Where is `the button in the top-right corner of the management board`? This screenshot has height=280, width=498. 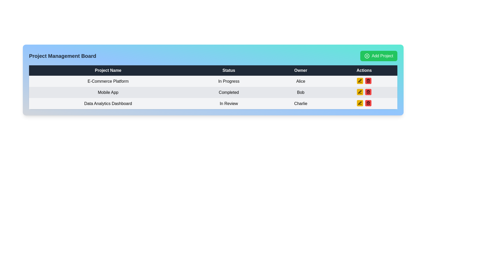
the button in the top-right corner of the management board is located at coordinates (378, 56).